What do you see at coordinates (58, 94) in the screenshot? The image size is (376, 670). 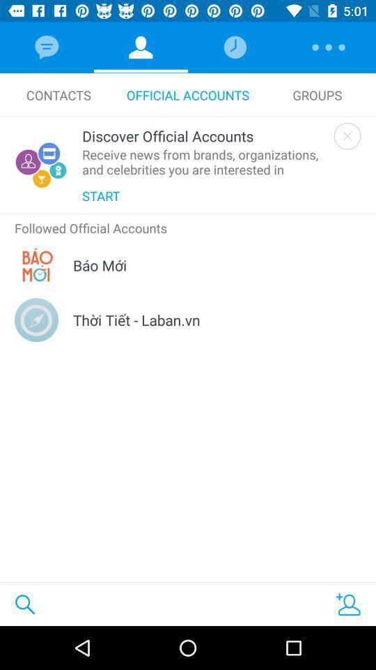 I see `item next to official accounts item` at bounding box center [58, 94].